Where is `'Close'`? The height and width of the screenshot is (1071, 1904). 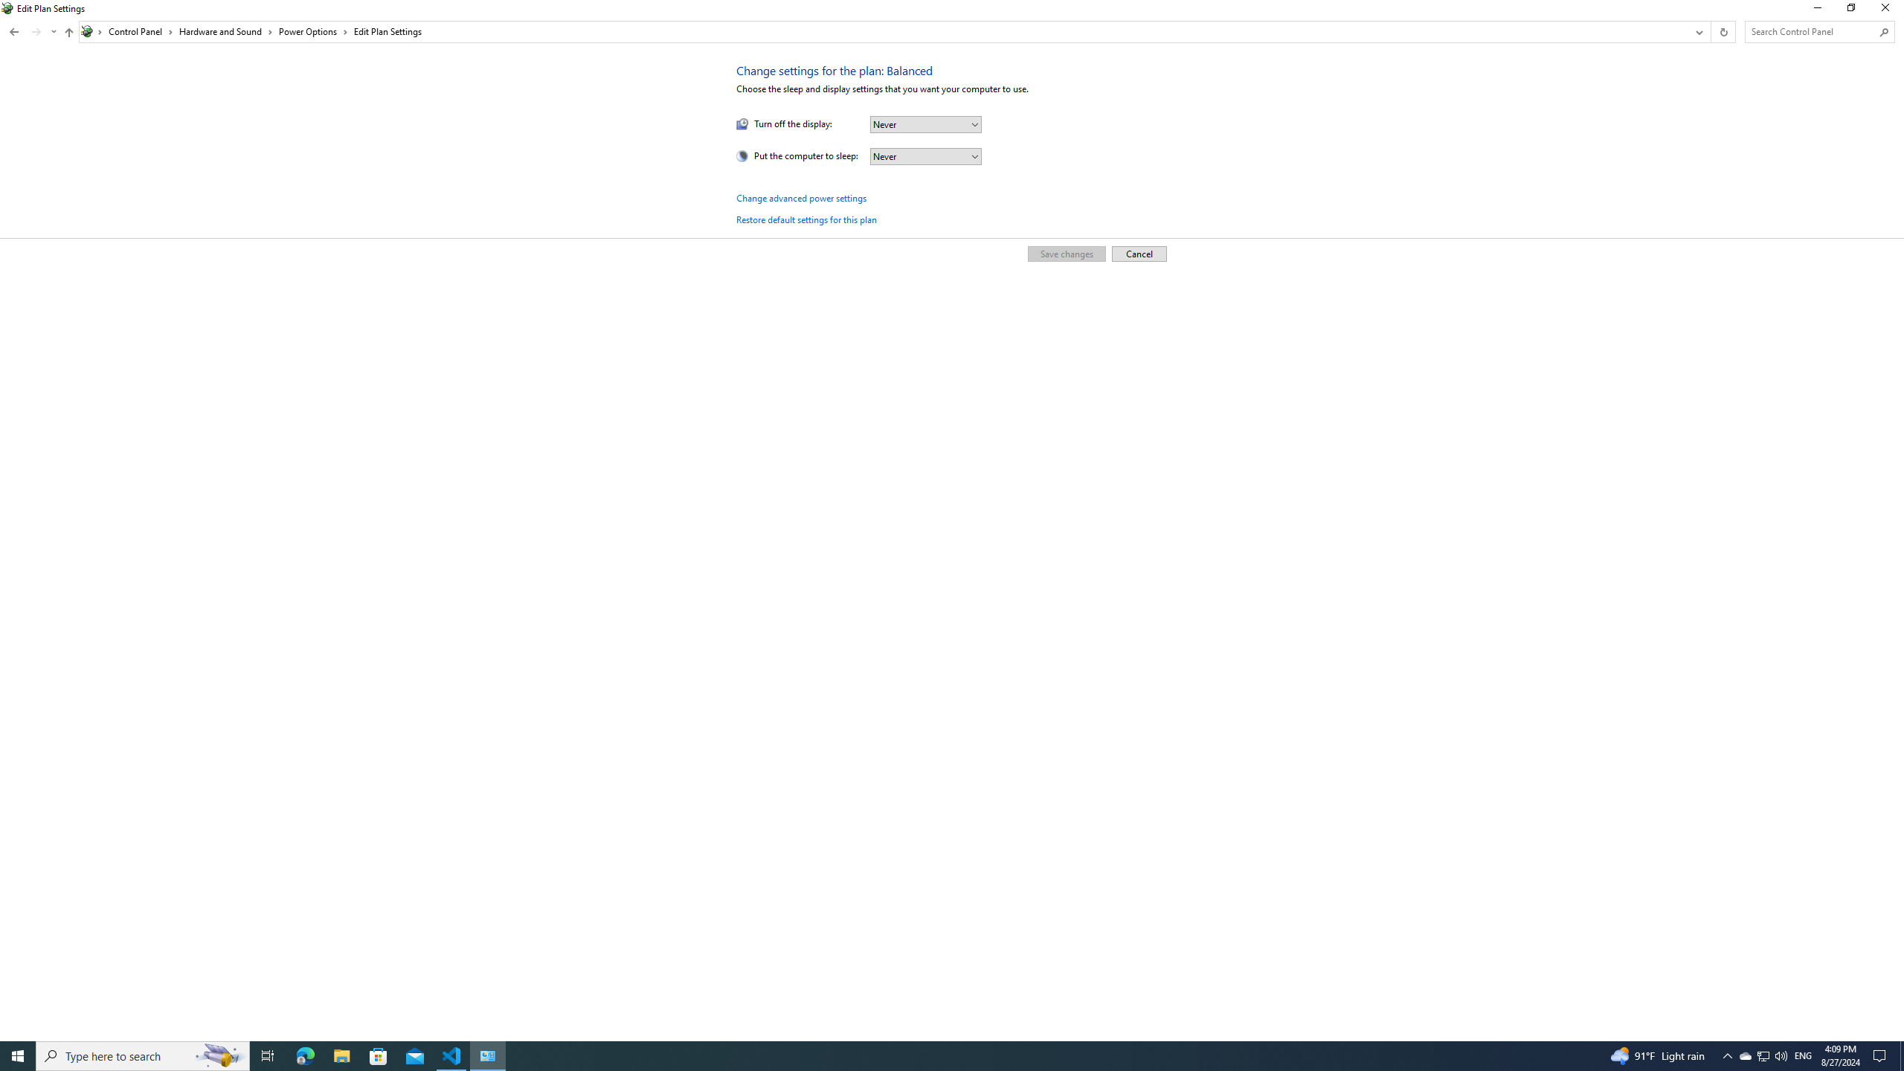 'Close' is located at coordinates (1888, 11).